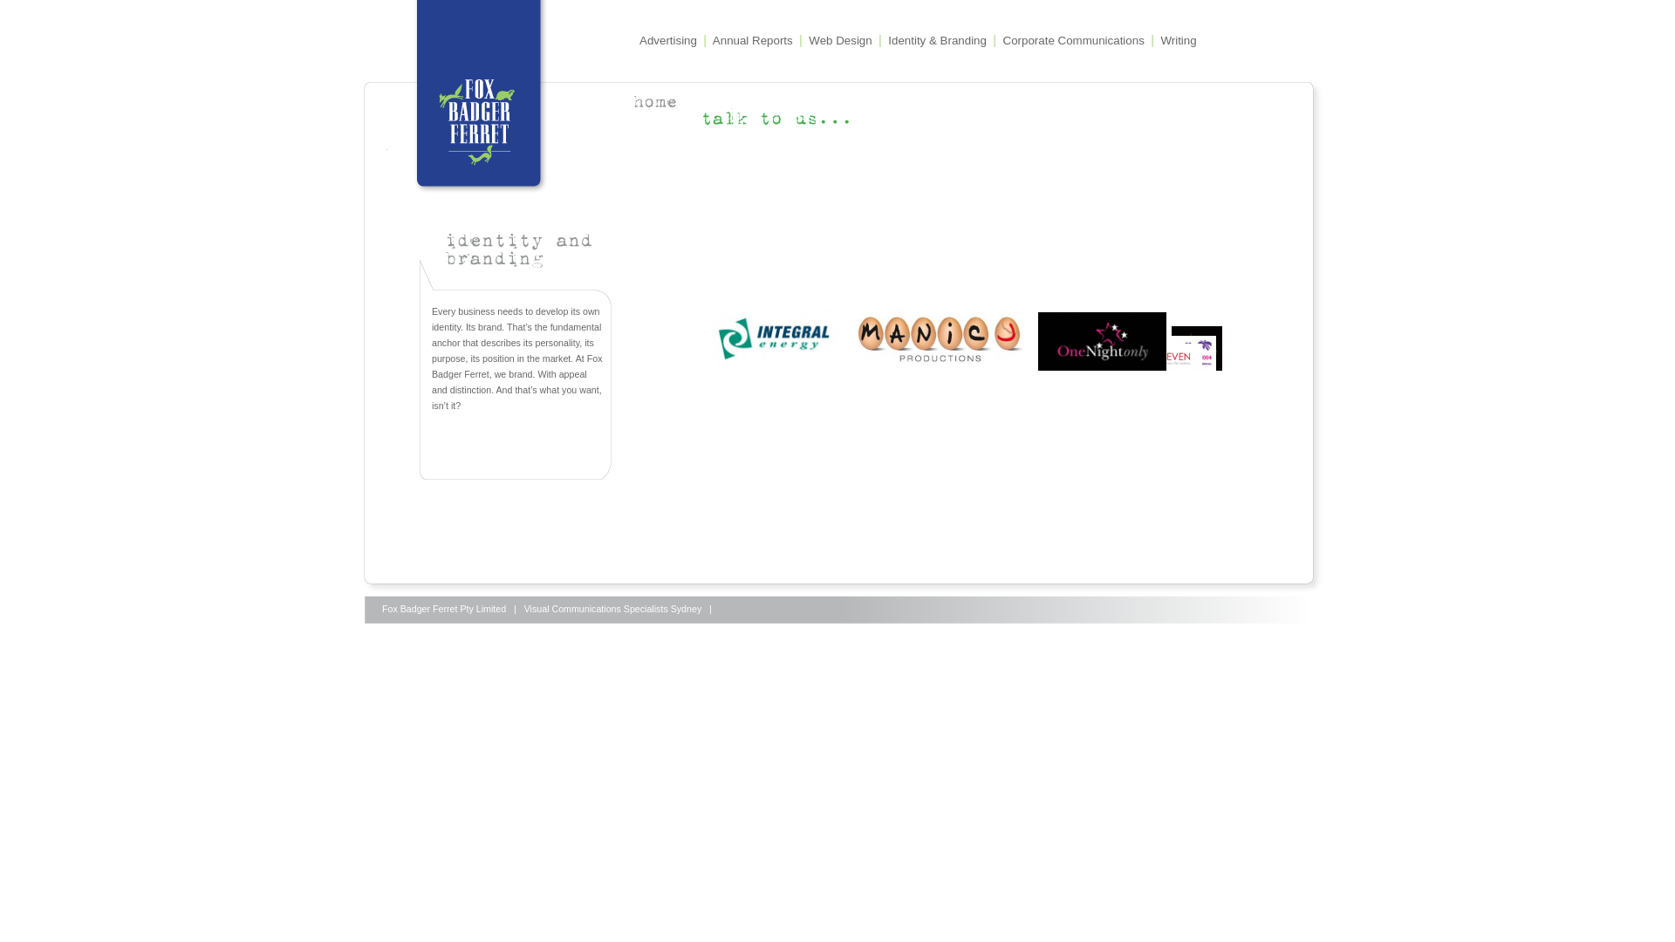  I want to click on 'Corporate Communications', so click(1072, 39).